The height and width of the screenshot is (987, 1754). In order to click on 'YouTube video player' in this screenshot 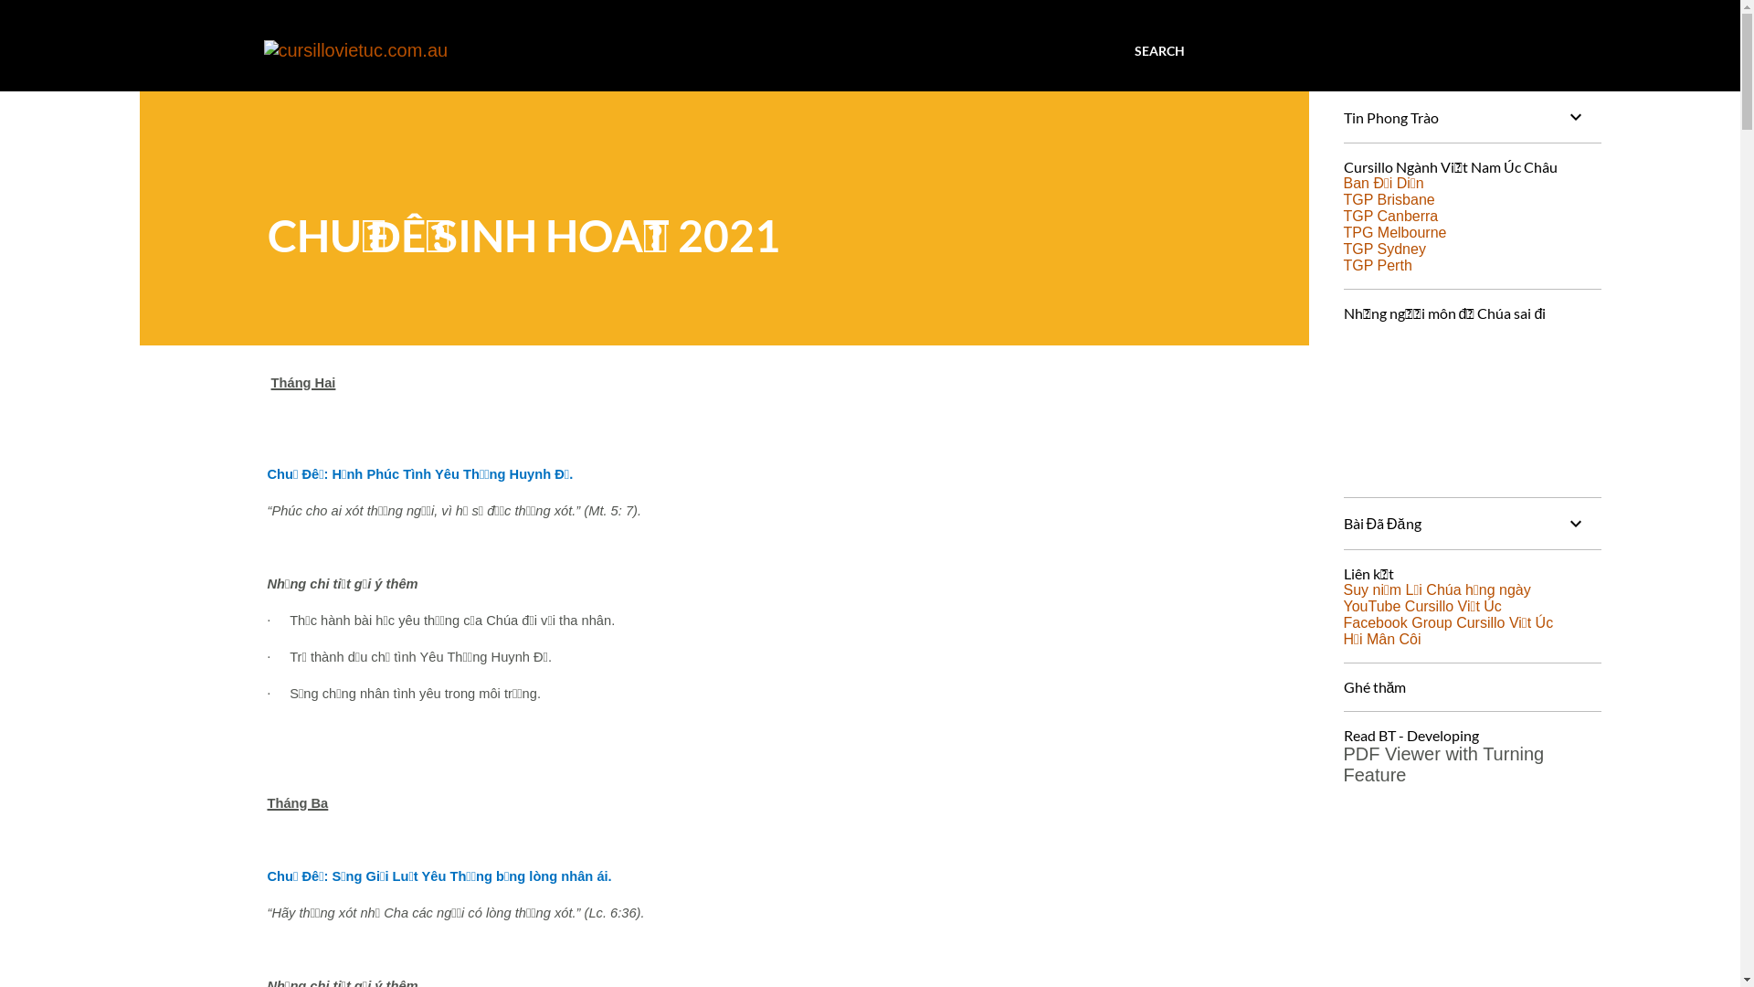, I will do `click(1470, 399)`.